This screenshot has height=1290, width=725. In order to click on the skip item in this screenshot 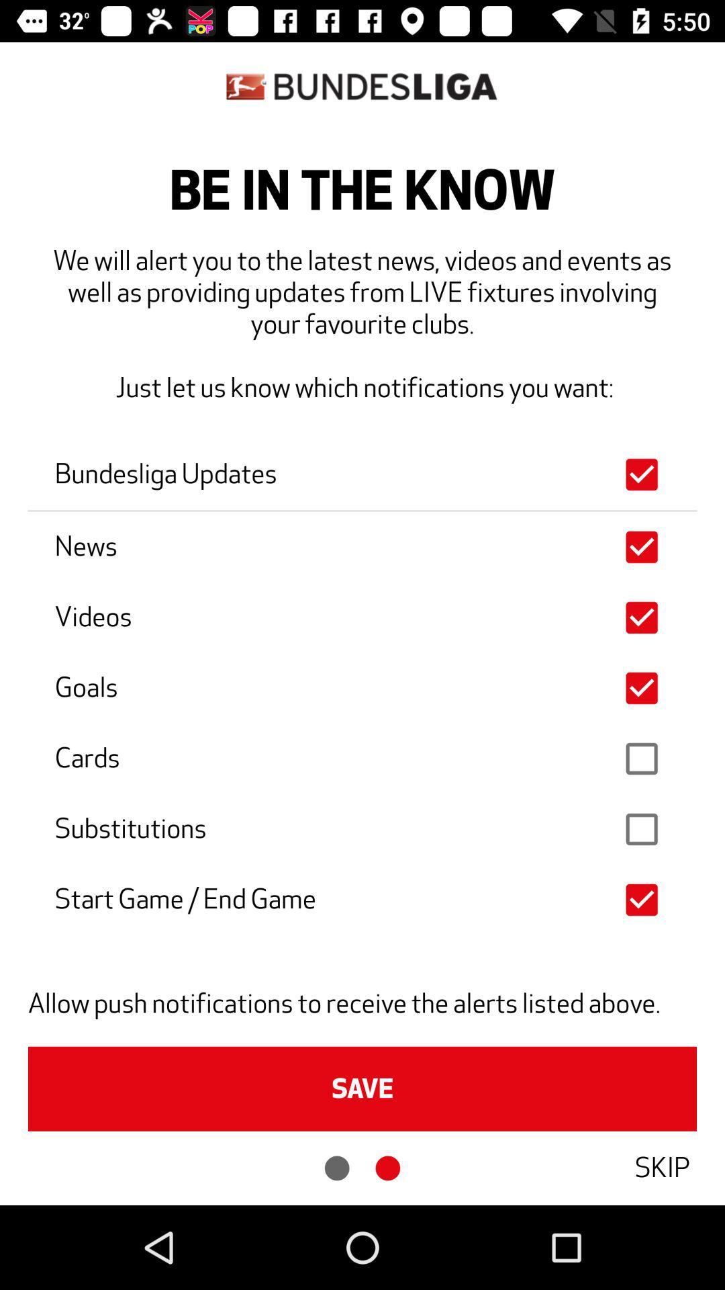, I will do `click(661, 1167)`.